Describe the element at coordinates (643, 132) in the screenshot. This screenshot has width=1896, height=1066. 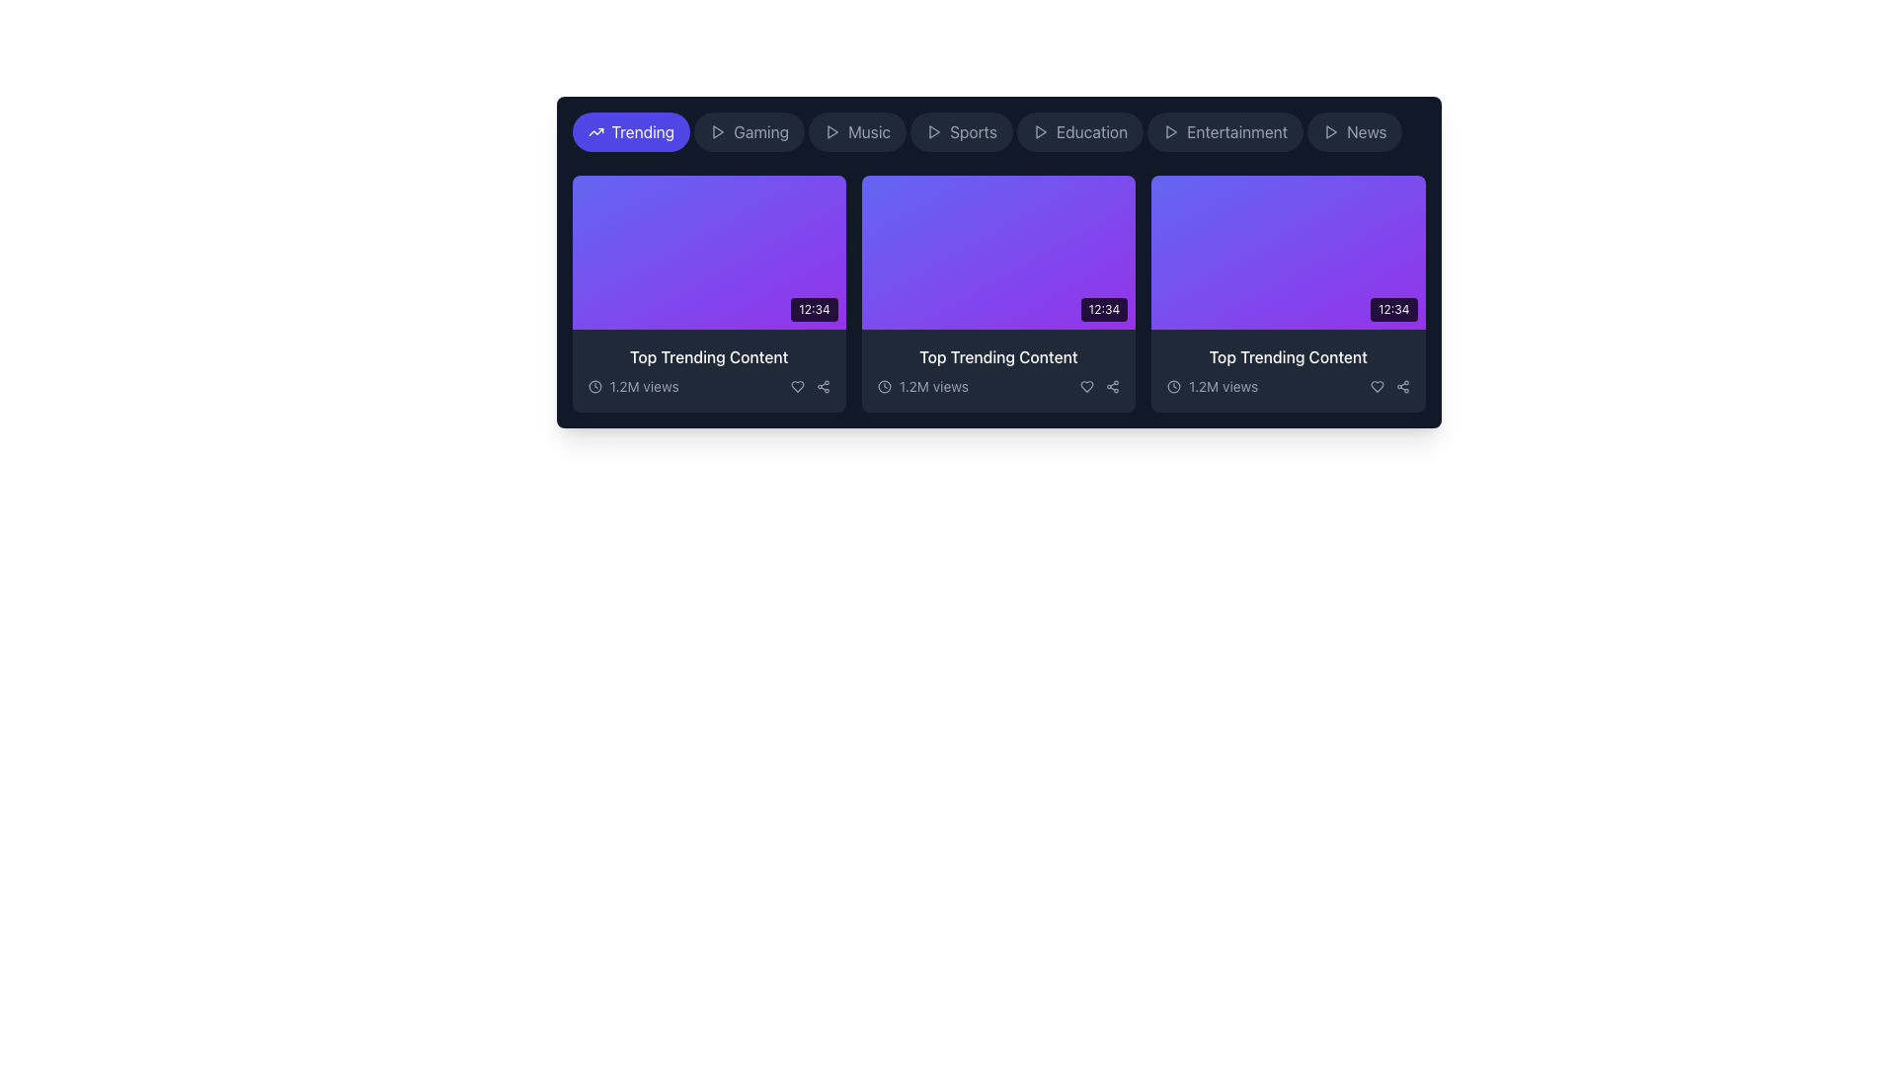
I see `the 'Trending' text label, which is a bold white font on a purple background within a rounded rectangular button` at that location.